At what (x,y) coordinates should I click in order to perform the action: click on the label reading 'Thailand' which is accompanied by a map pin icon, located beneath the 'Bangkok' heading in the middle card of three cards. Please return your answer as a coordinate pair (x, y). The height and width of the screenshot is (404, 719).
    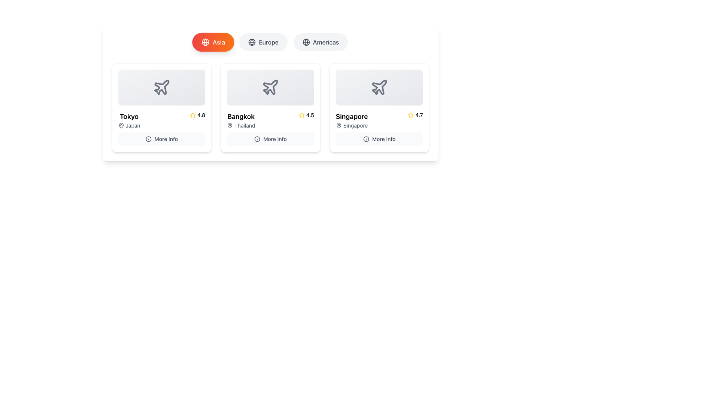
    Looking at the image, I should click on (241, 125).